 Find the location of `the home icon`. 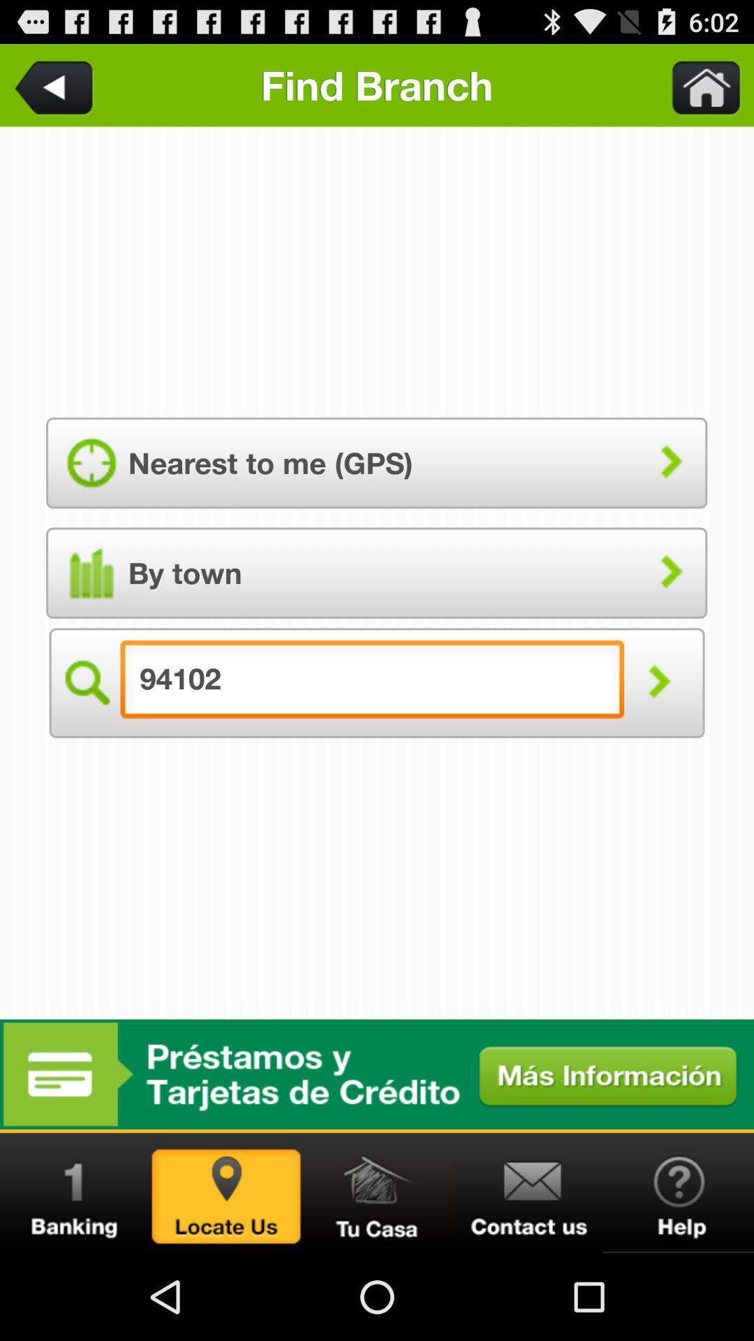

the home icon is located at coordinates (697, 90).